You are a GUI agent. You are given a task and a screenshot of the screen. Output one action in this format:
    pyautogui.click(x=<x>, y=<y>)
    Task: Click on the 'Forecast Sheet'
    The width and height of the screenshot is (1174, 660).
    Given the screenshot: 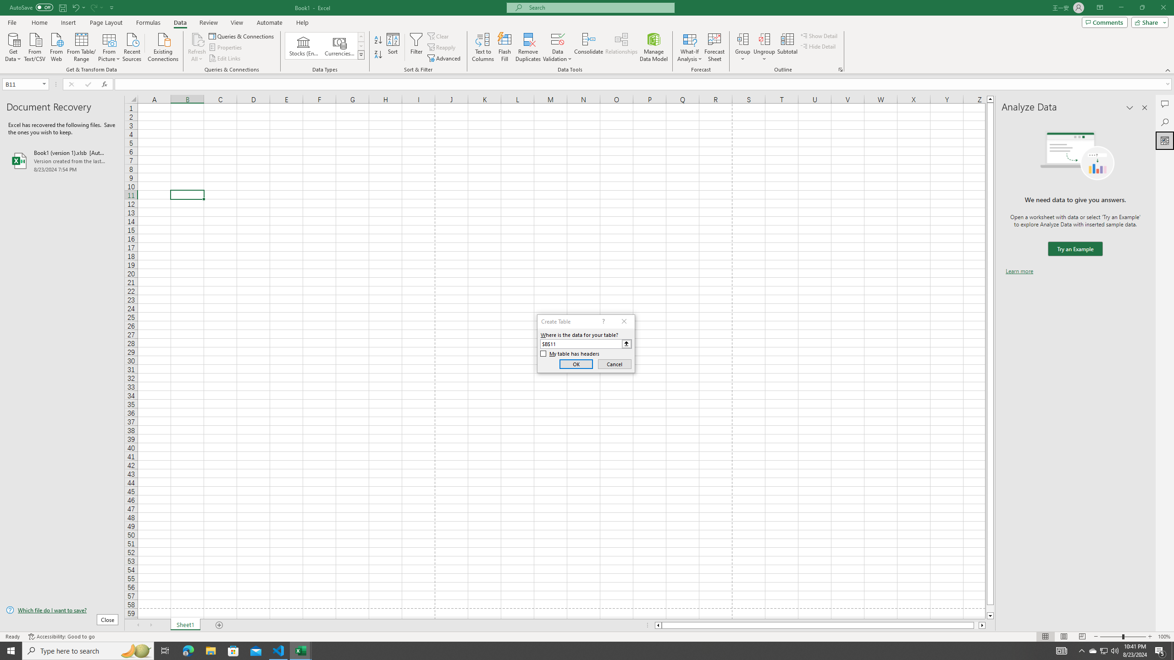 What is the action you would take?
    pyautogui.click(x=714, y=47)
    